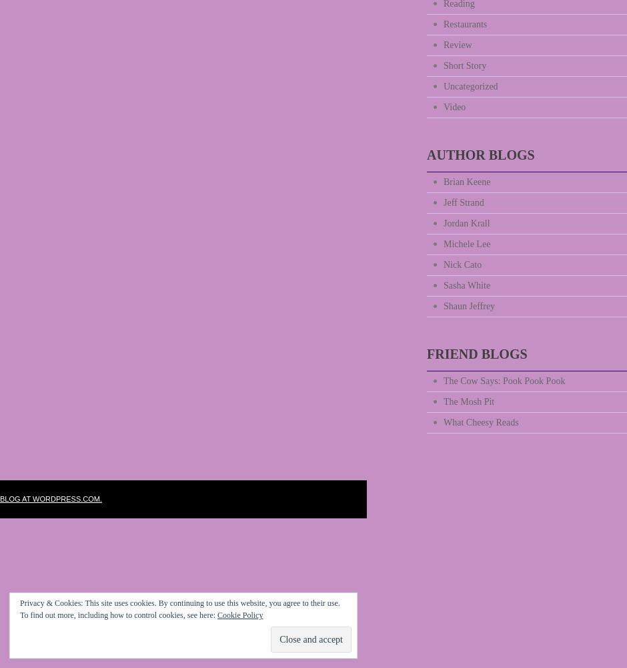  I want to click on 'Blog at WordPress.com.', so click(50, 498).